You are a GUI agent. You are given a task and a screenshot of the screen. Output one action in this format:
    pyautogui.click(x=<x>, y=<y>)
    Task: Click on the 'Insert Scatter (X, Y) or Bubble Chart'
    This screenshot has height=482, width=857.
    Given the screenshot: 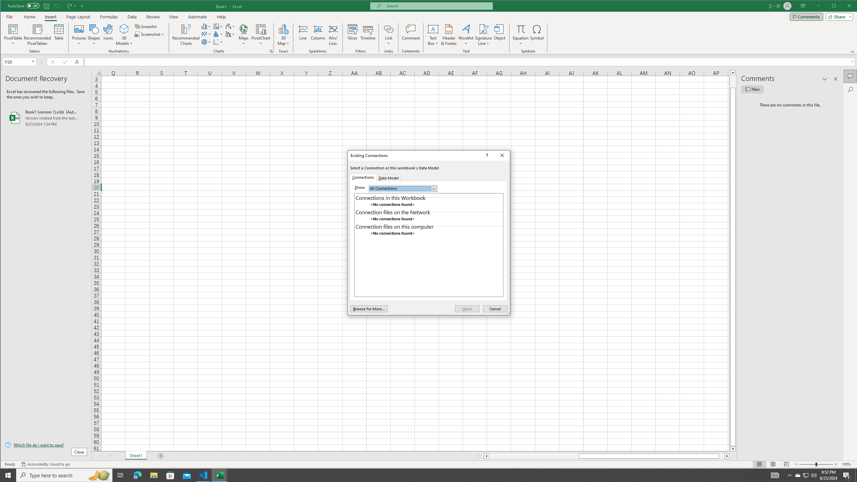 What is the action you would take?
    pyautogui.click(x=218, y=42)
    